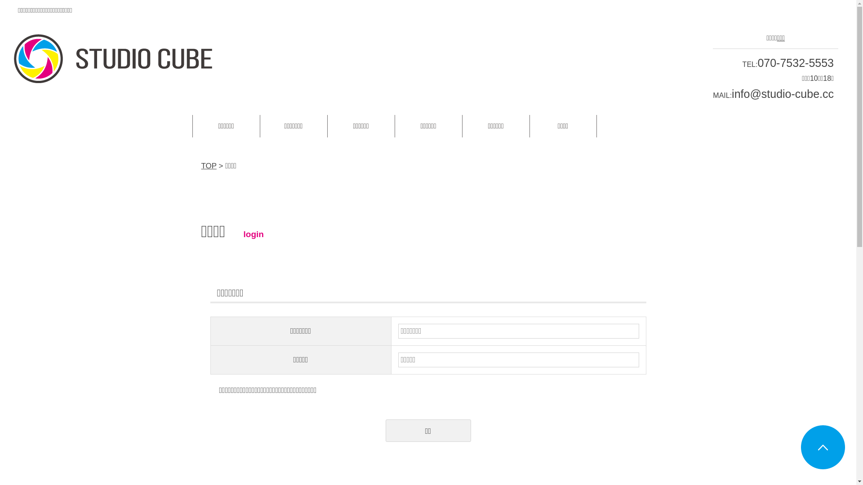 The height and width of the screenshot is (485, 863). Describe the element at coordinates (200, 166) in the screenshot. I see `'TOP'` at that location.